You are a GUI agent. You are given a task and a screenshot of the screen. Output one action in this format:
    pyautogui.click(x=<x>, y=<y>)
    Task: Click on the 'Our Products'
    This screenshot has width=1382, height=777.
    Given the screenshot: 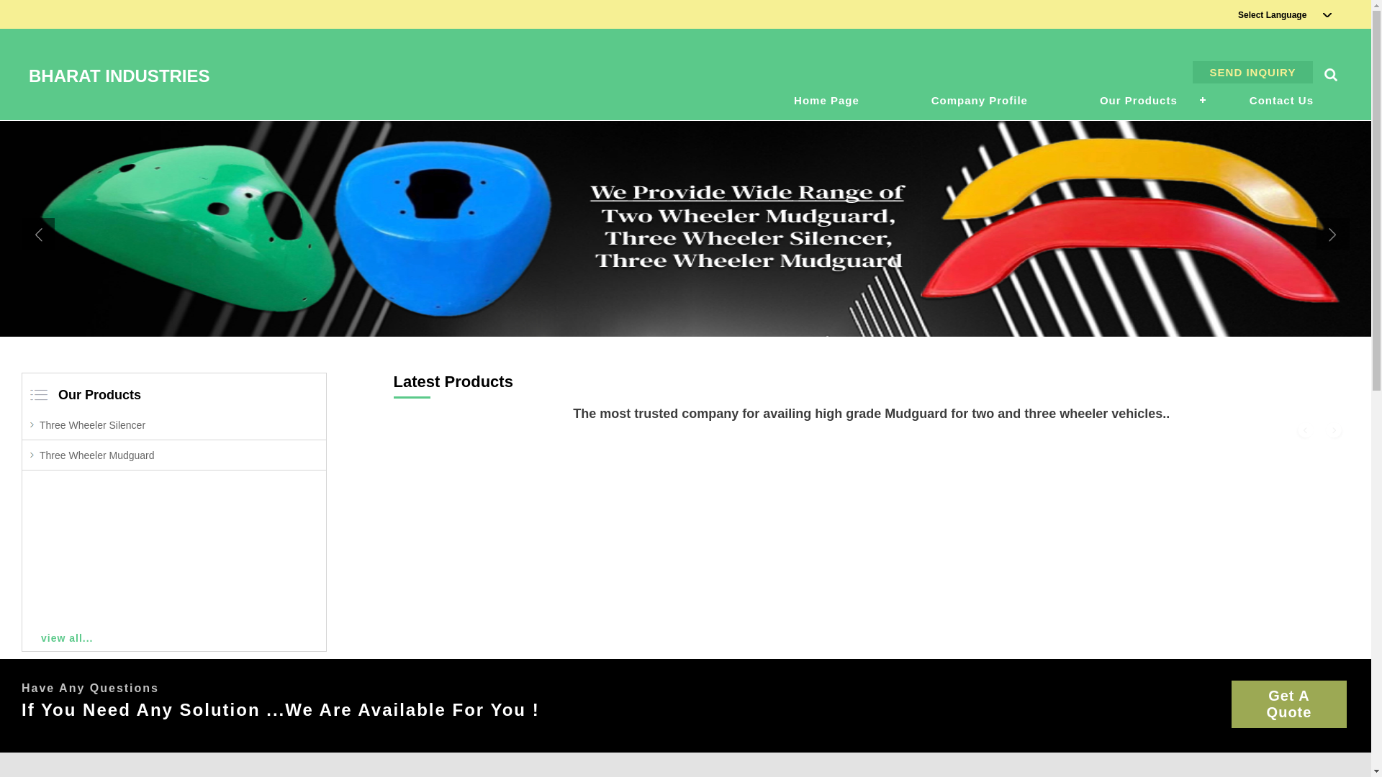 What is the action you would take?
    pyautogui.click(x=99, y=394)
    